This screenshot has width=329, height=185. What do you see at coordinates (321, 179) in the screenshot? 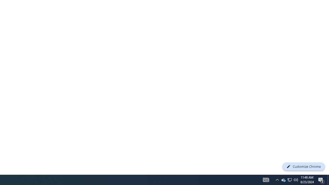
I see `'Action Center, 2 new notifications'` at bounding box center [321, 179].